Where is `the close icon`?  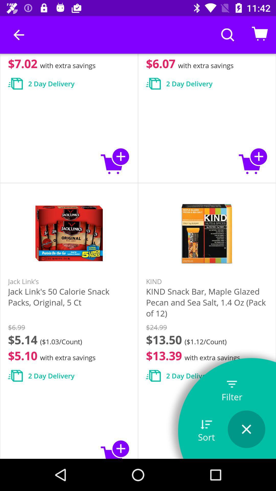 the close icon is located at coordinates (246, 429).